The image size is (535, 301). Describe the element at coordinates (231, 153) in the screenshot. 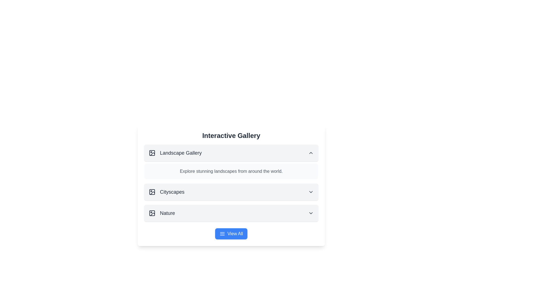

I see `the collapsible toggle for the 'Landscape Gallery'` at that location.